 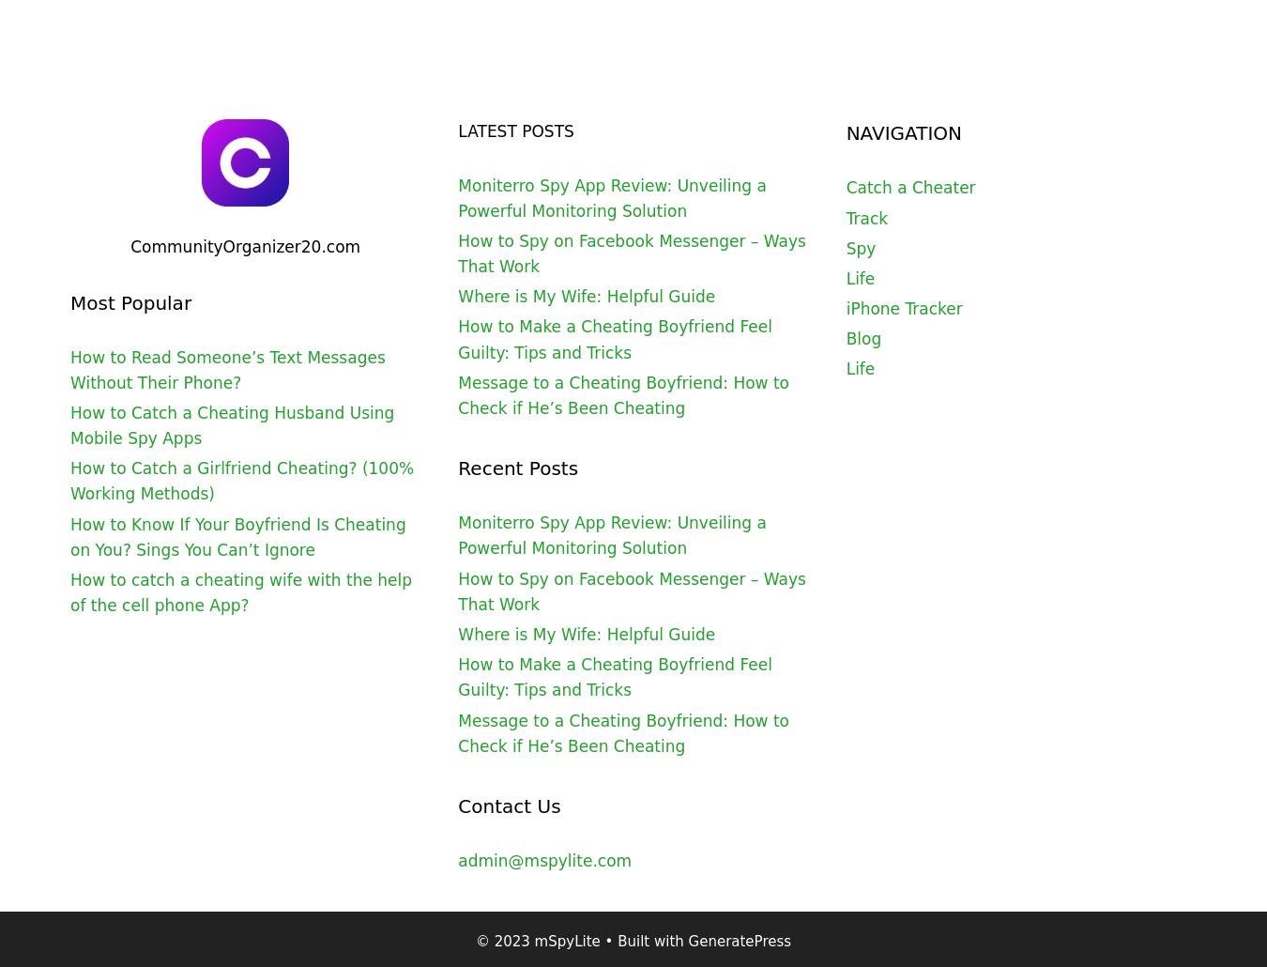 What do you see at coordinates (862, 339) in the screenshot?
I see `'Blog'` at bounding box center [862, 339].